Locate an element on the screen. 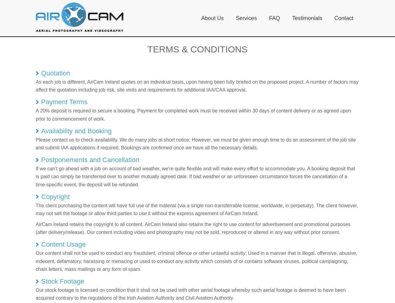 This screenshot has height=303, width=395. 'If we can't go ahead with a job on account of bad weather, we're quite flexible and will make every effort to accommodate you. A booking deposit that is paid can simply be transferred over to another mutually agreed date. If bad weather or an unforeseen circumstance forces the cancellation of a time-specific event, the deposit will be refunded.' is located at coordinates (195, 176).